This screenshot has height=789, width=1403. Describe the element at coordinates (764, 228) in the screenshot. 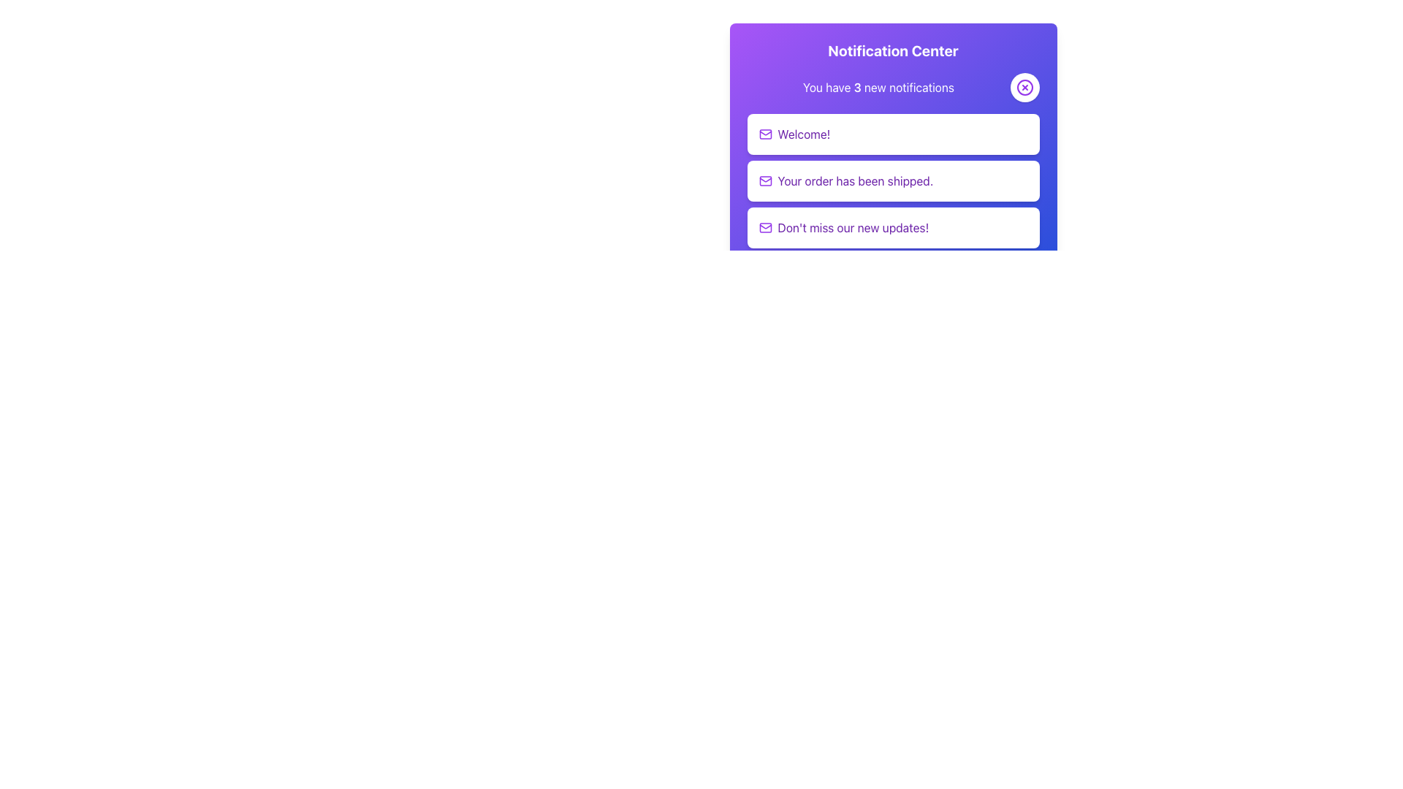

I see `mail icon with a stylized envelope shape, colored purple, located to the left of the text 'Don't miss our new updates!' in the lower notification box` at that location.